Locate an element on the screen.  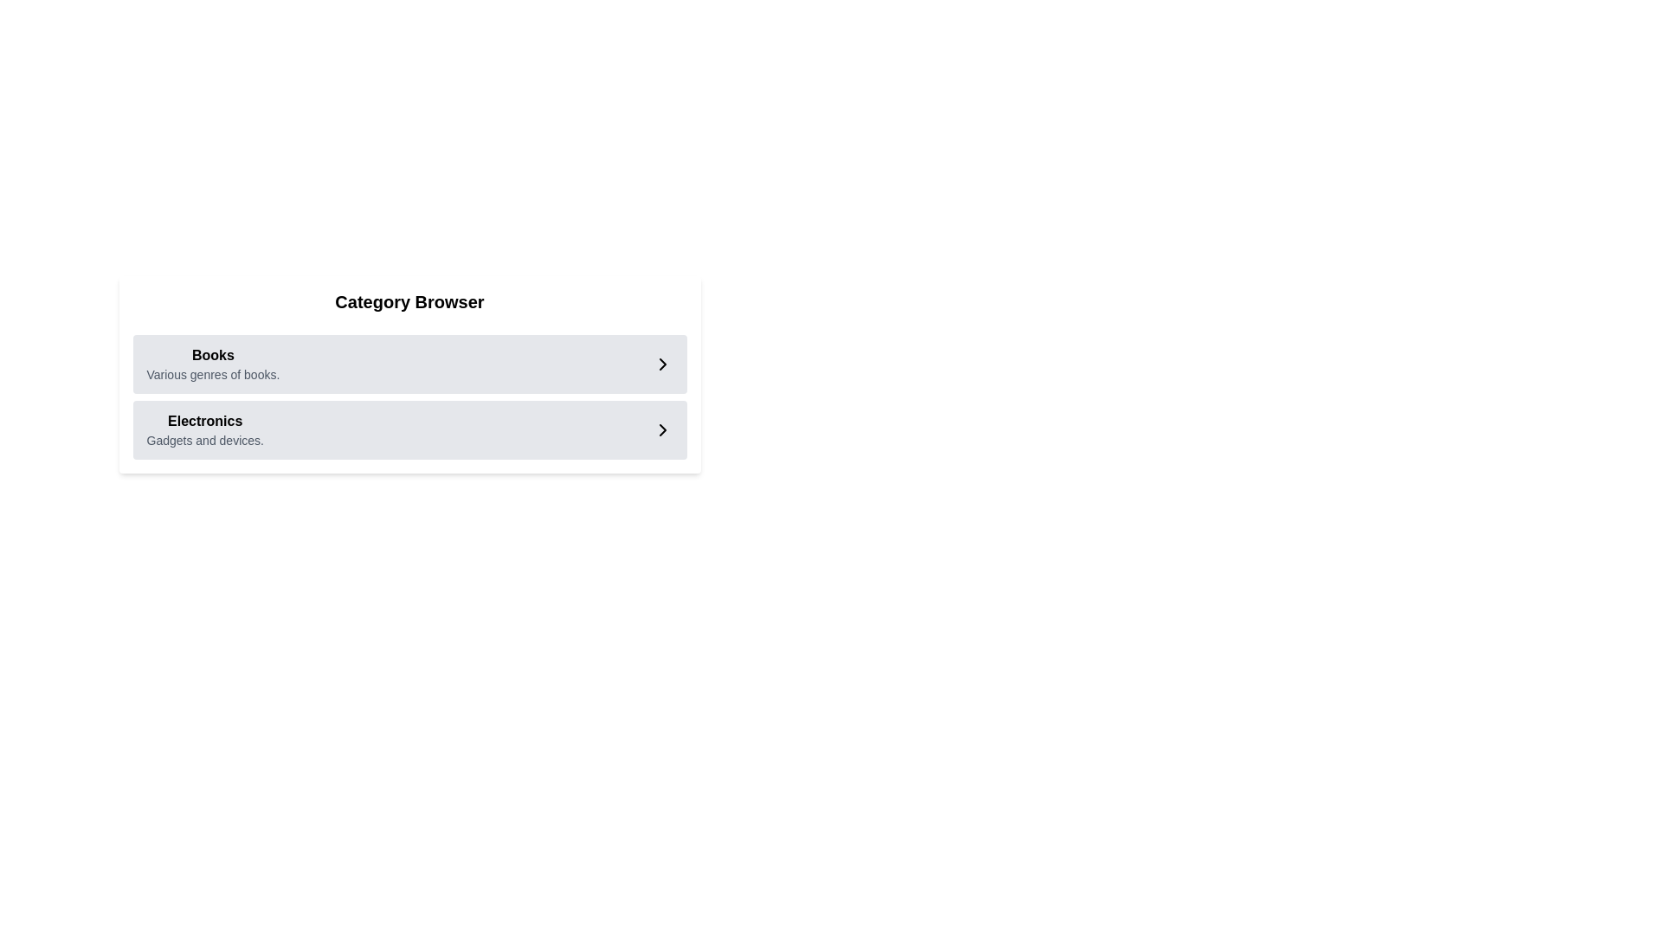
the 'Electronics' category text-display block, which features a bold header and subtext stating 'Gadgets and devices' is located at coordinates (205, 429).